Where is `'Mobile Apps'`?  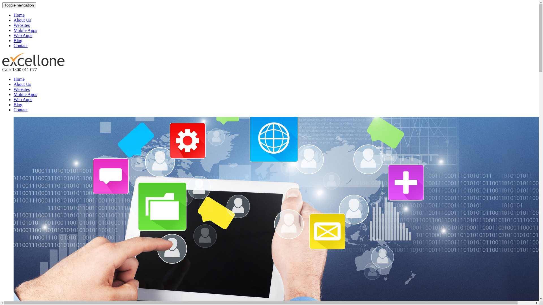
'Mobile Apps' is located at coordinates (25, 30).